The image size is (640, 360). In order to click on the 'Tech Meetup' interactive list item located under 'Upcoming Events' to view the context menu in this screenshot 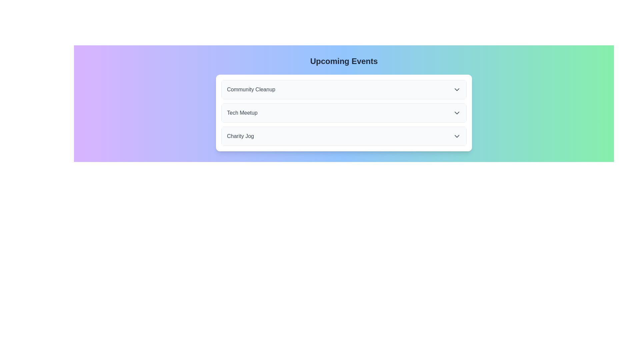, I will do `click(344, 113)`.